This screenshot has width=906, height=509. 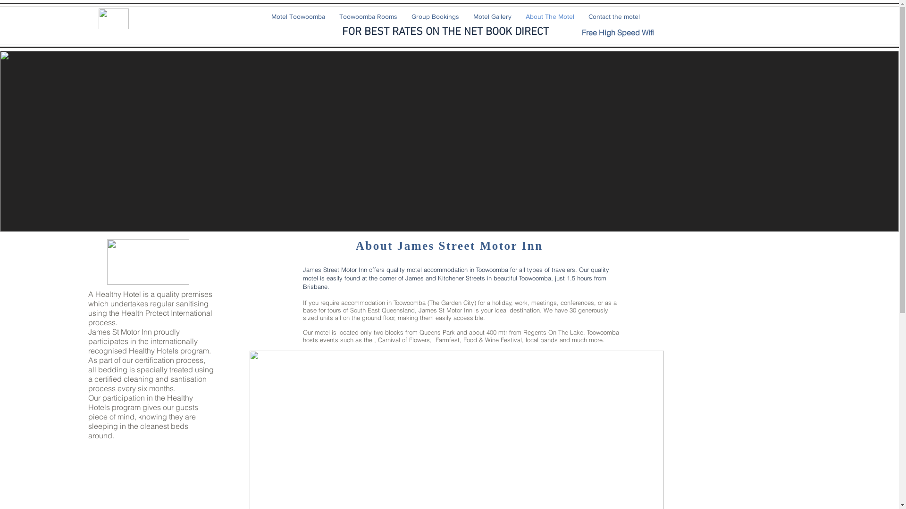 I want to click on 'Toowoomba Rooms', so click(x=368, y=16).